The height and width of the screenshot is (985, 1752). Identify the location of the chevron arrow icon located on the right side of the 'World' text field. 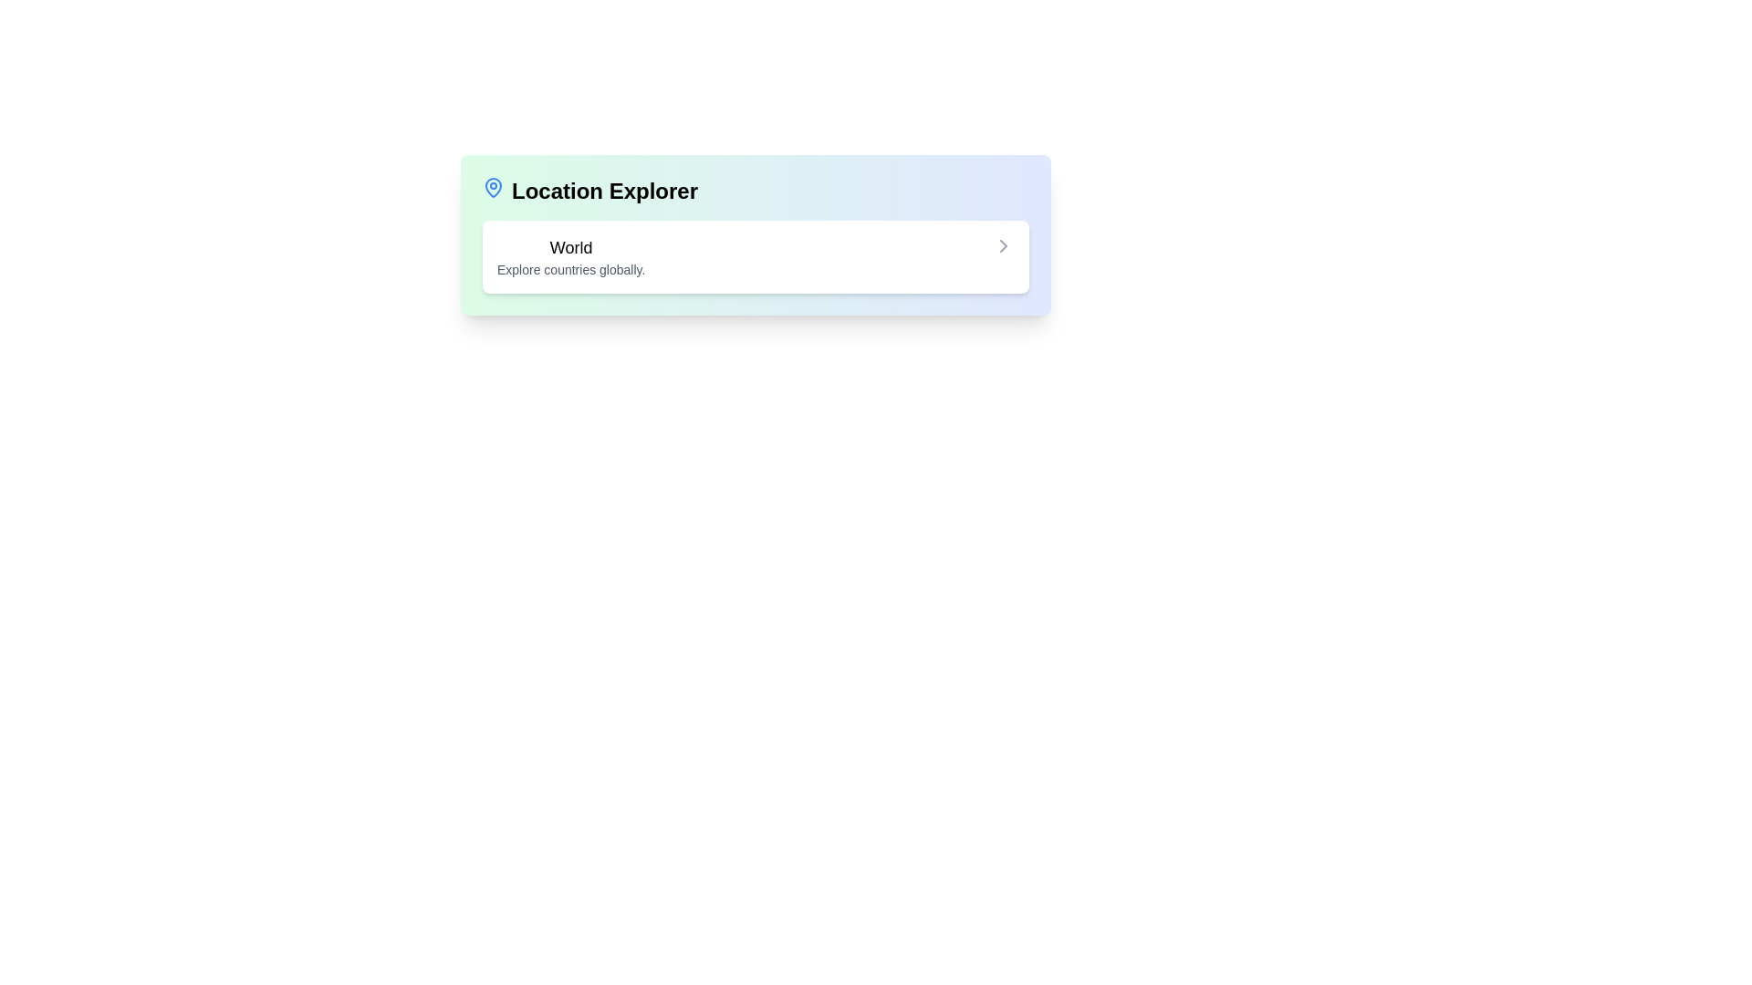
(1002, 246).